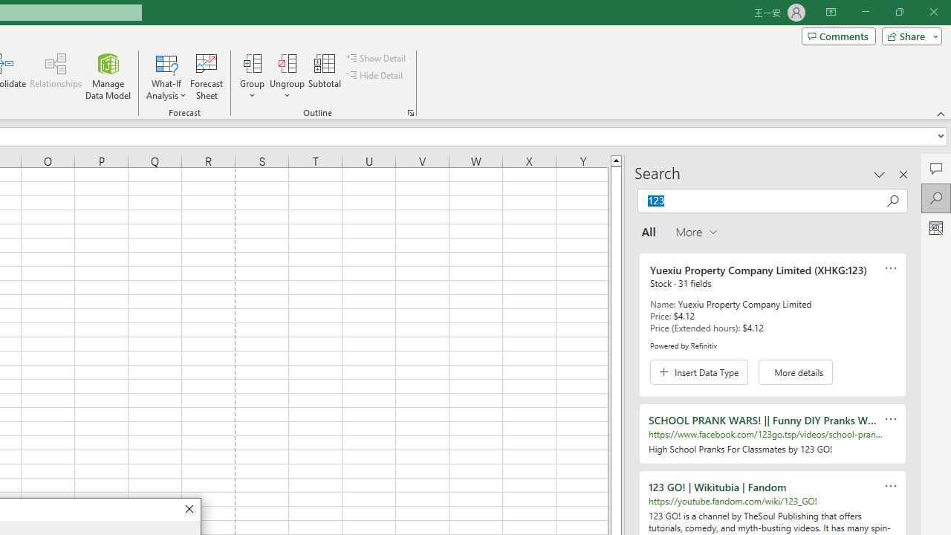 This screenshot has width=951, height=535. Describe the element at coordinates (830, 12) in the screenshot. I see `'Ribbon Display Options'` at that location.